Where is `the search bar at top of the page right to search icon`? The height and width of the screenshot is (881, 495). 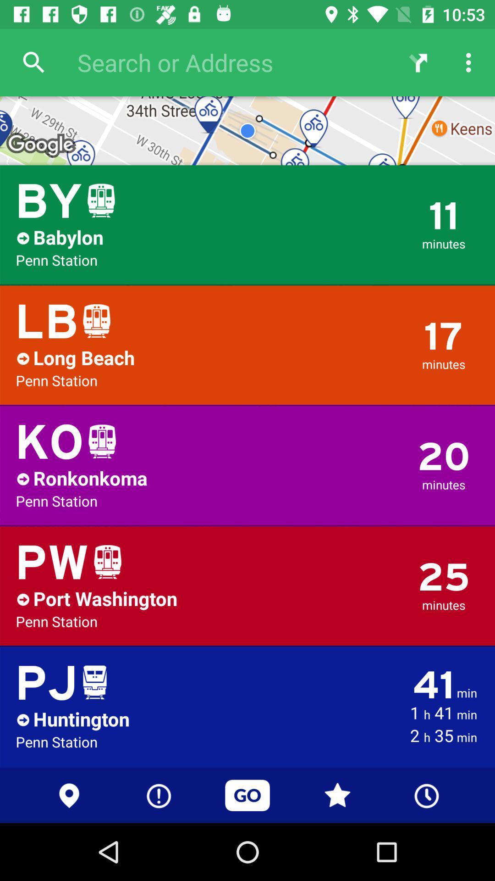
the search bar at top of the page right to search icon is located at coordinates (231, 61).